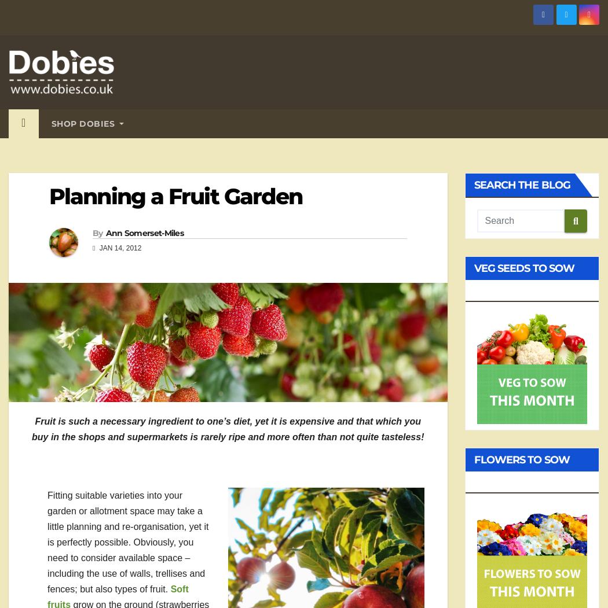  I want to click on 'Fruit is such a necessary ingredient to one’s diet, yet it is expensive and that which you buy in the shops and supermarkets is rarely ripe and more often than not quite tasteless!', so click(228, 429).